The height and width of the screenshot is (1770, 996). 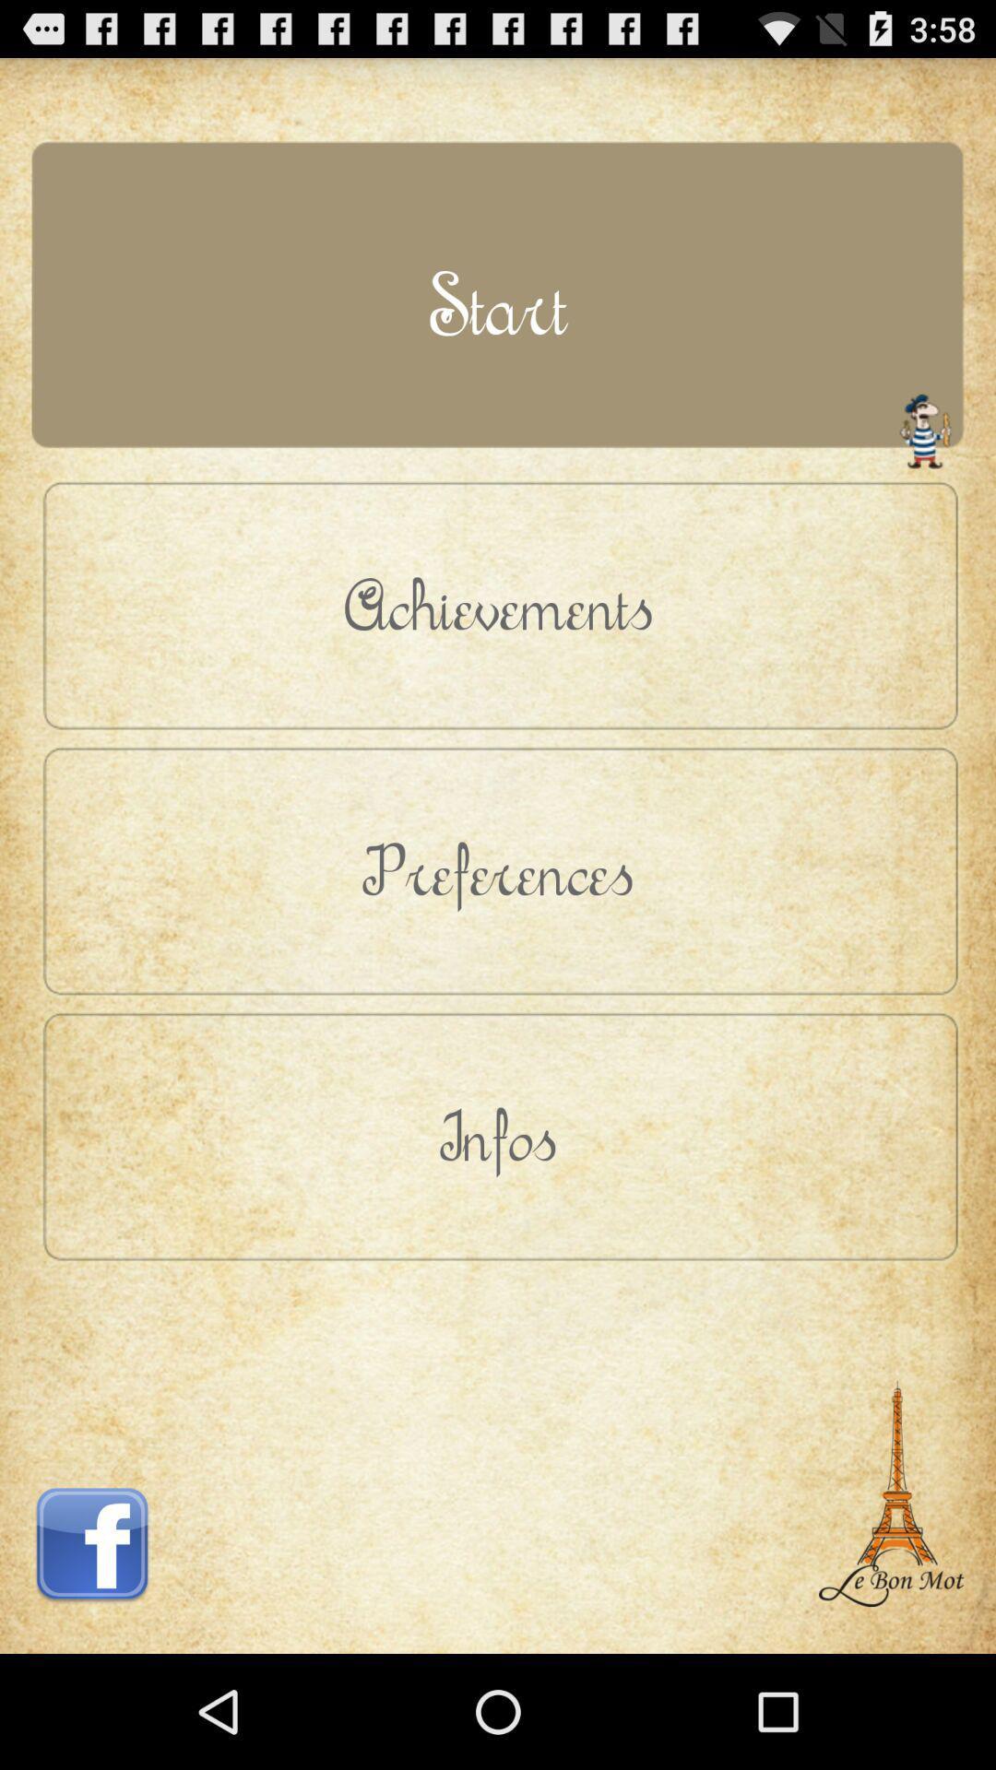 I want to click on button above the preferences icon, so click(x=498, y=605).